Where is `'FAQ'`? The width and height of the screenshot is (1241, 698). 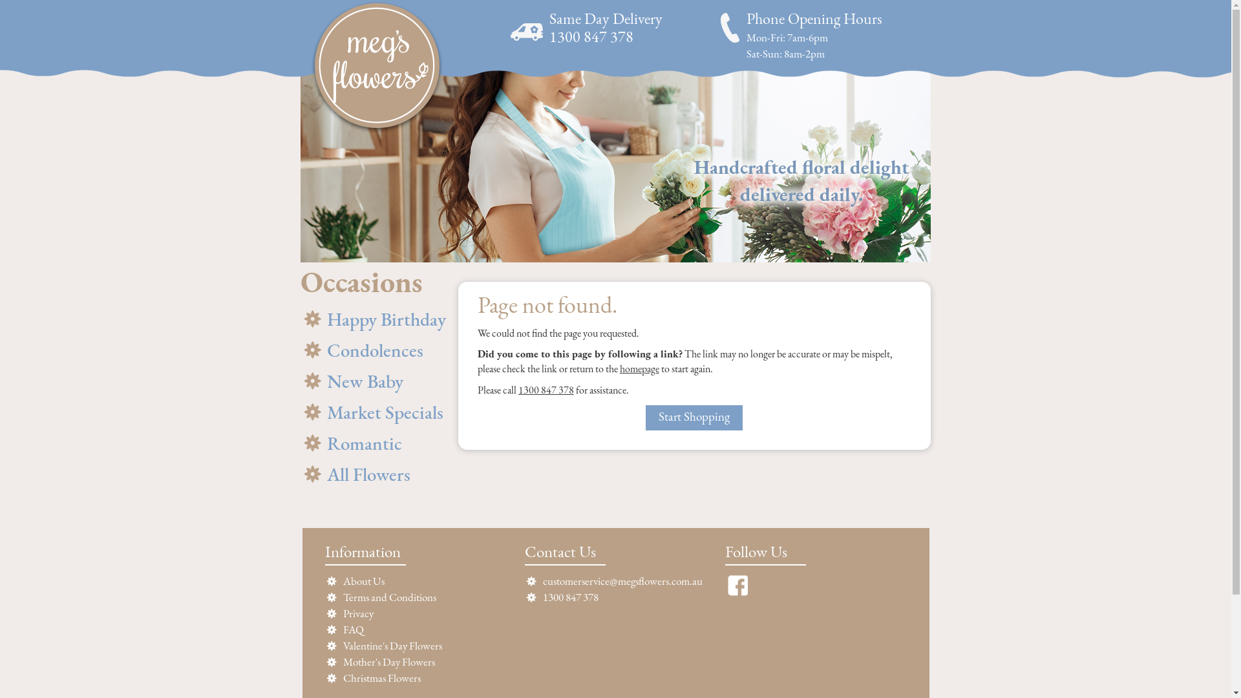 'FAQ' is located at coordinates (353, 629).